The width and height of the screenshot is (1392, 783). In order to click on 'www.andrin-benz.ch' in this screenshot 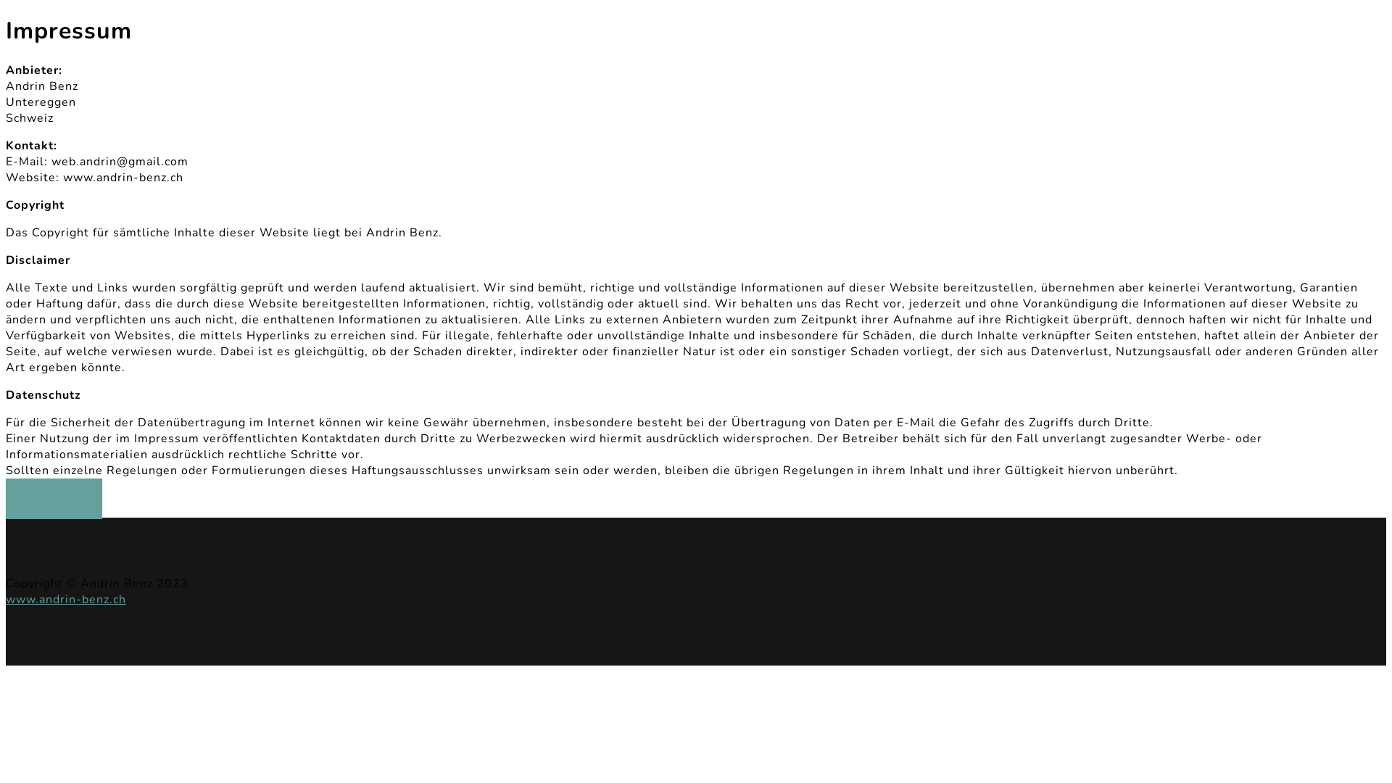, I will do `click(65, 599)`.